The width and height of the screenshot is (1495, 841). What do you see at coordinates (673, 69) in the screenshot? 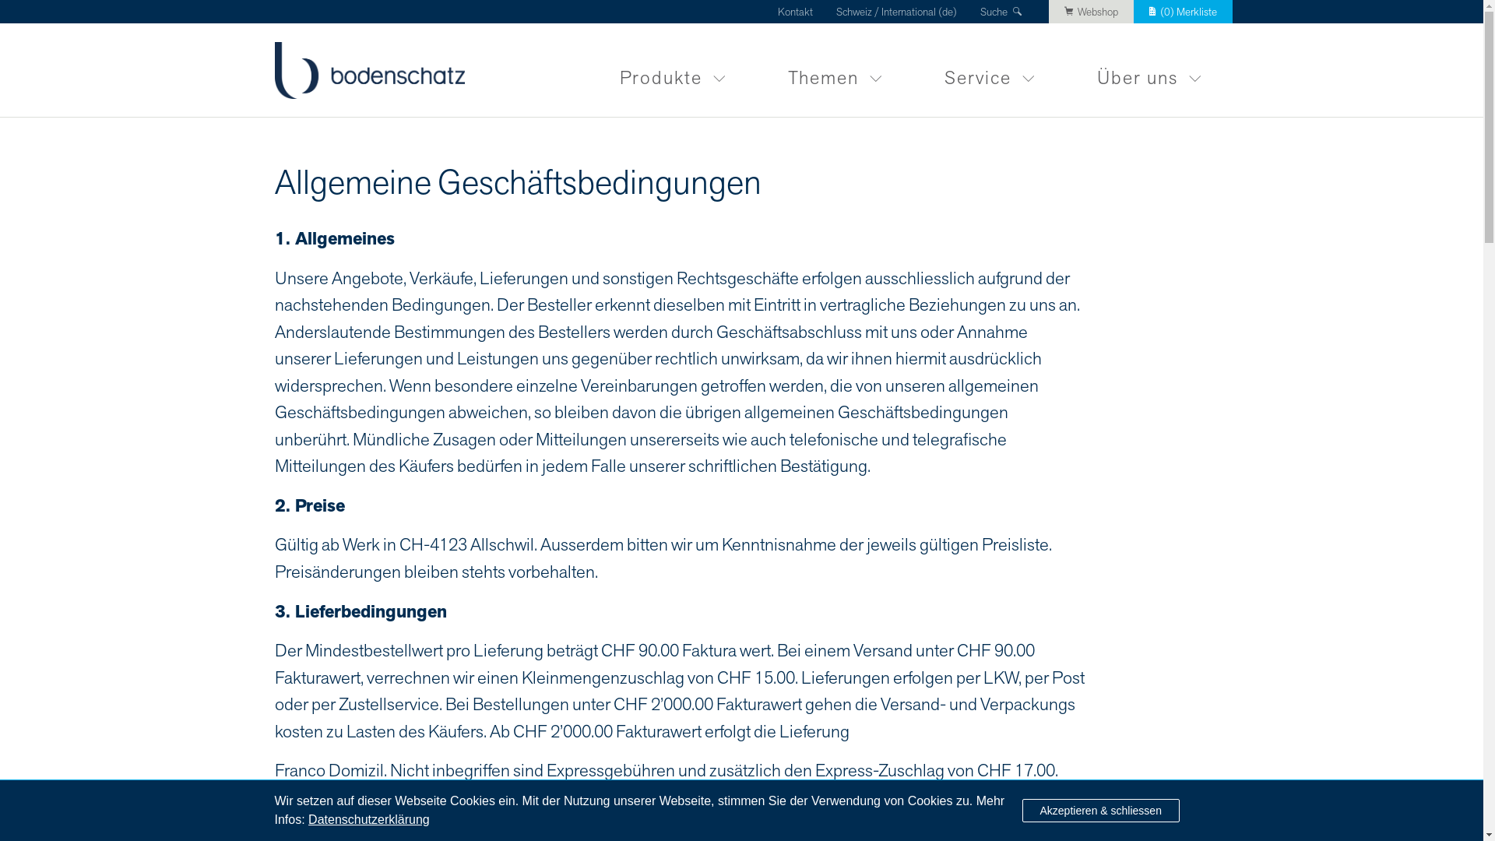
I see `'Produkte'` at bounding box center [673, 69].